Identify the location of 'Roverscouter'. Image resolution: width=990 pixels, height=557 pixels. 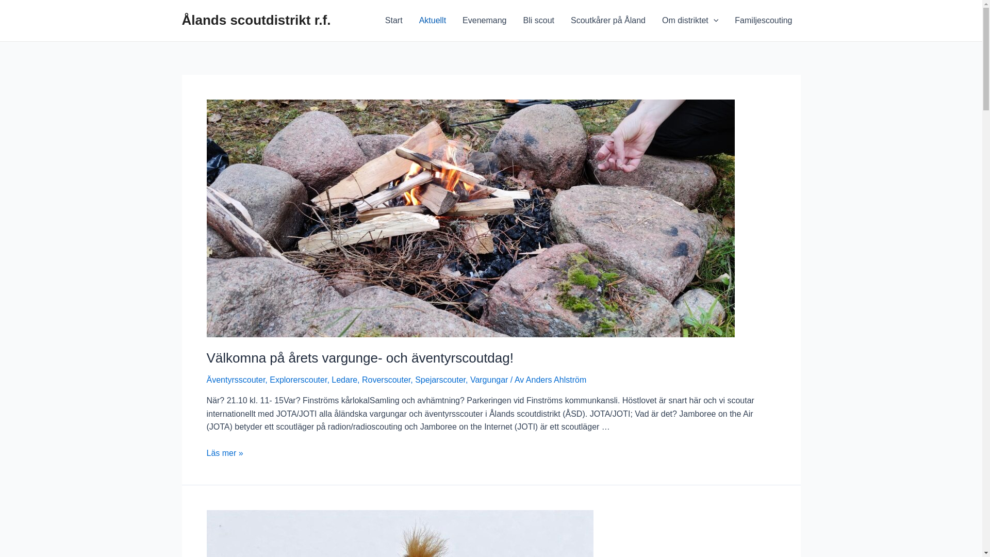
(361, 380).